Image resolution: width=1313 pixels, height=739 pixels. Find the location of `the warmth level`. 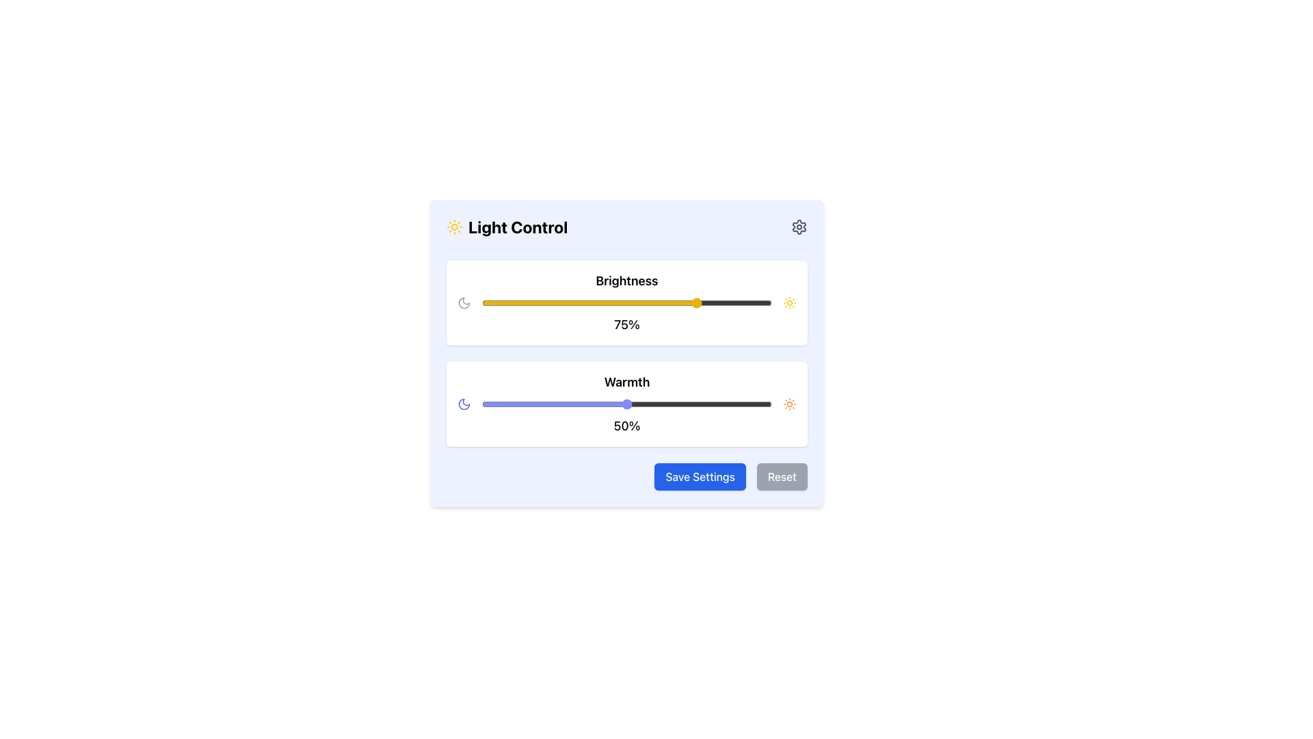

the warmth level is located at coordinates (667, 403).